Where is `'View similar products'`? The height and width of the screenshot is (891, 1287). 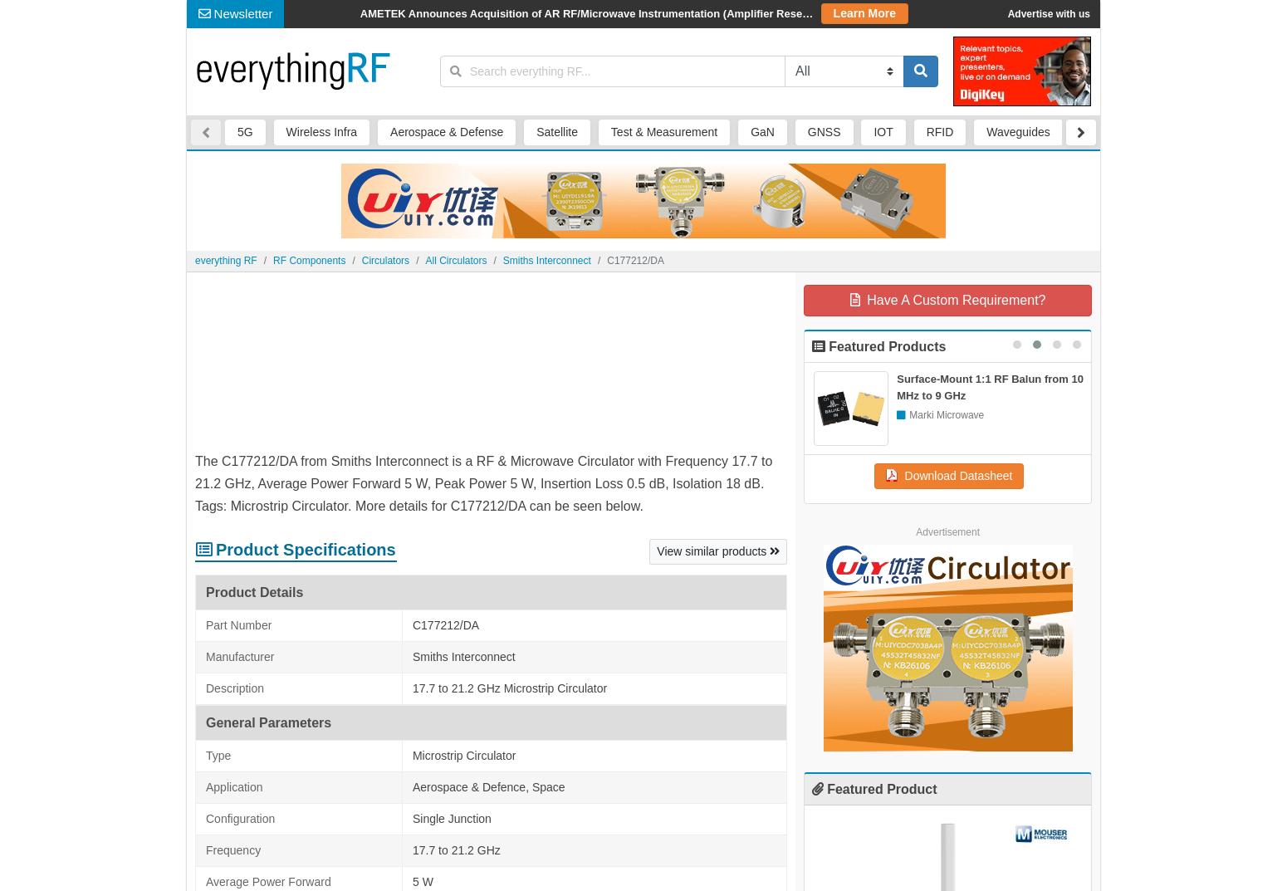
'View similar products' is located at coordinates (600, 144).